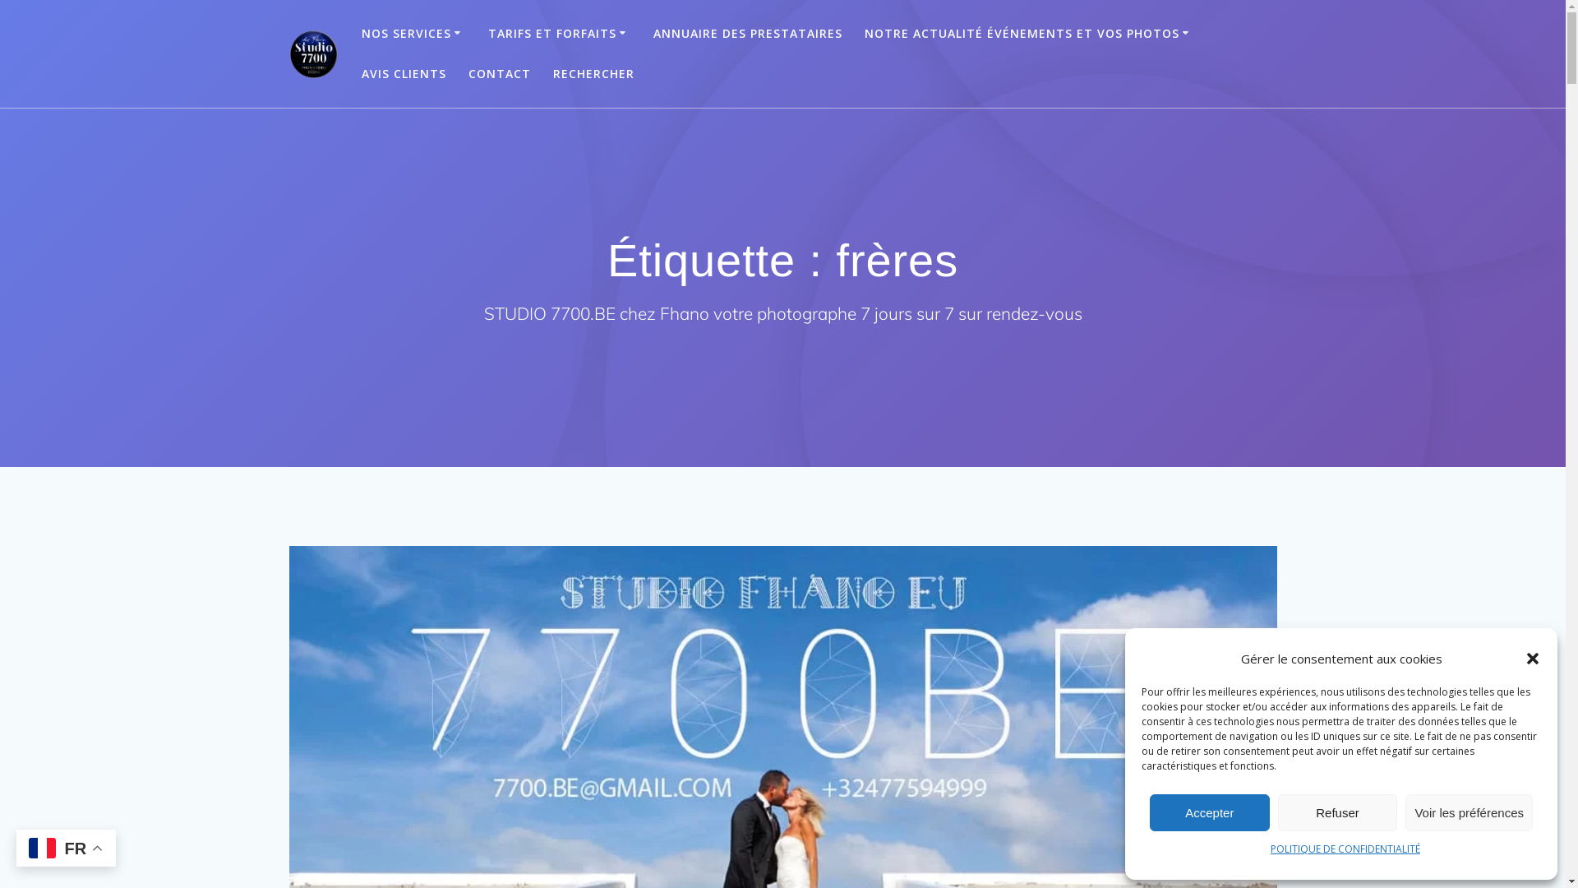  I want to click on 'TARIFS ET FORFAITS', so click(560, 34).